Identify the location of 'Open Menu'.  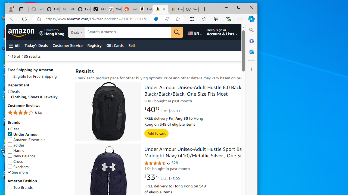
(14, 45).